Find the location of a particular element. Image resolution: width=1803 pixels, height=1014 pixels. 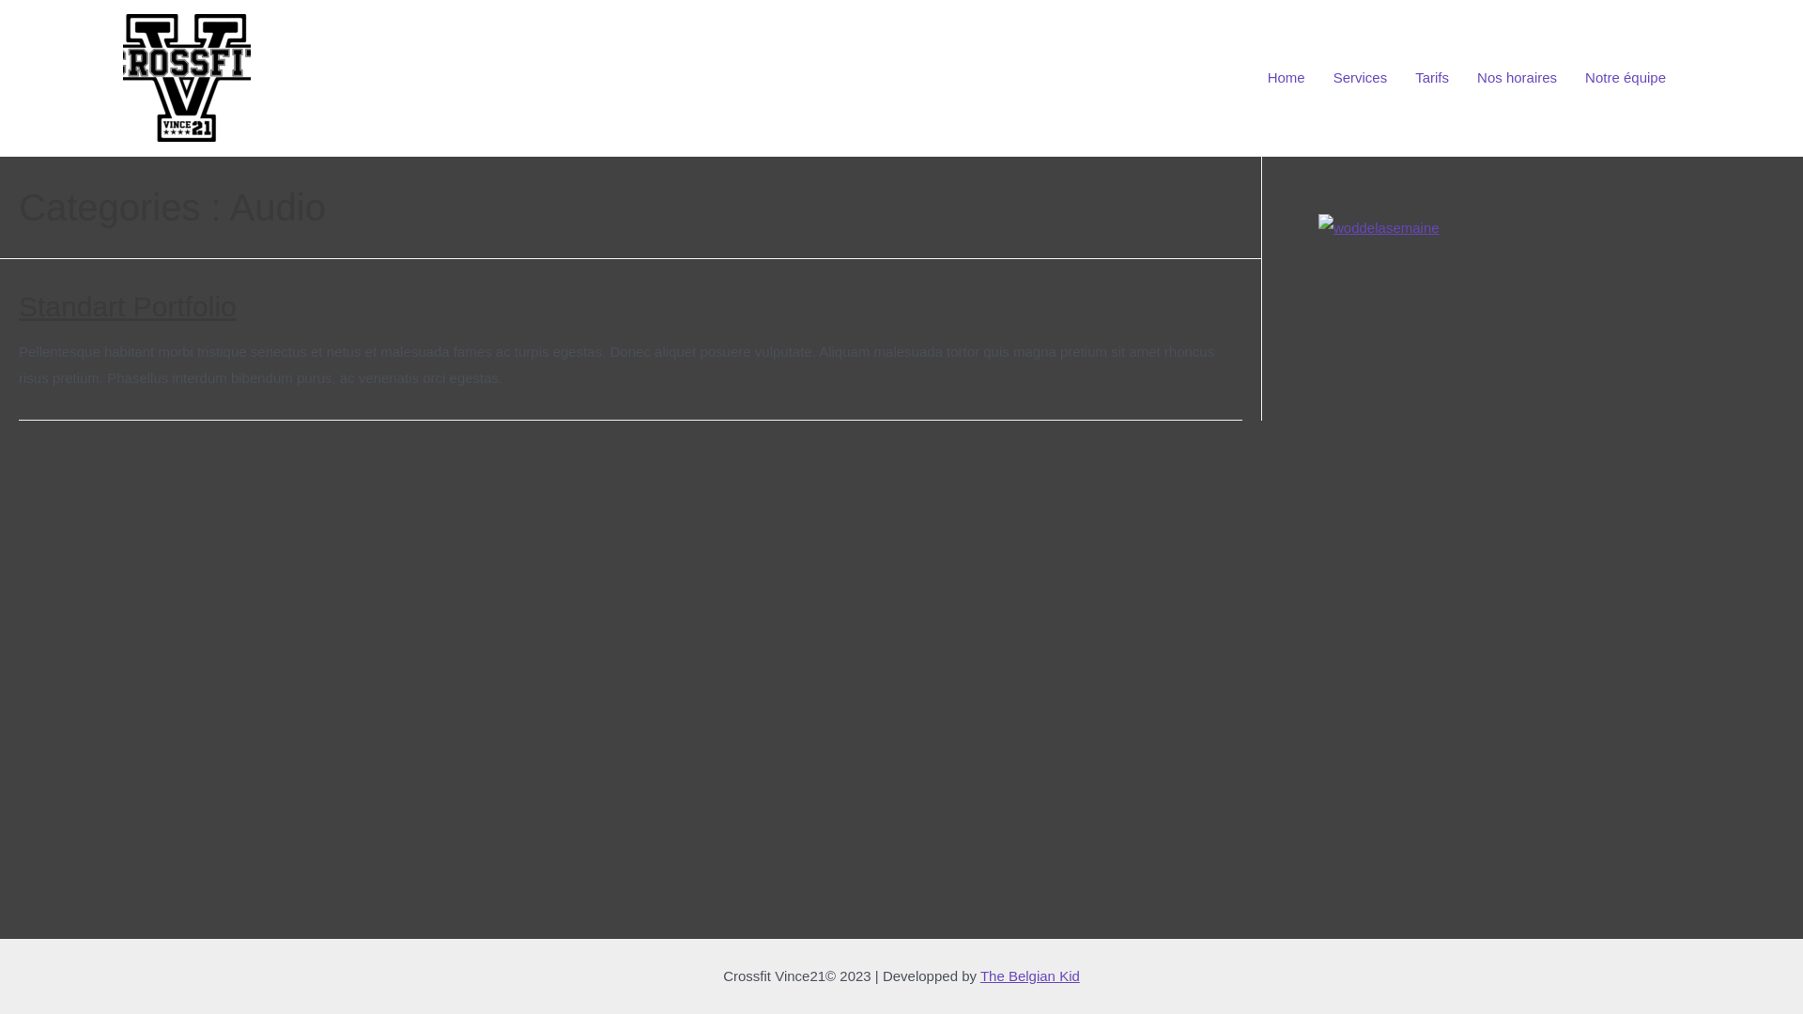

'Home' is located at coordinates (1285, 77).